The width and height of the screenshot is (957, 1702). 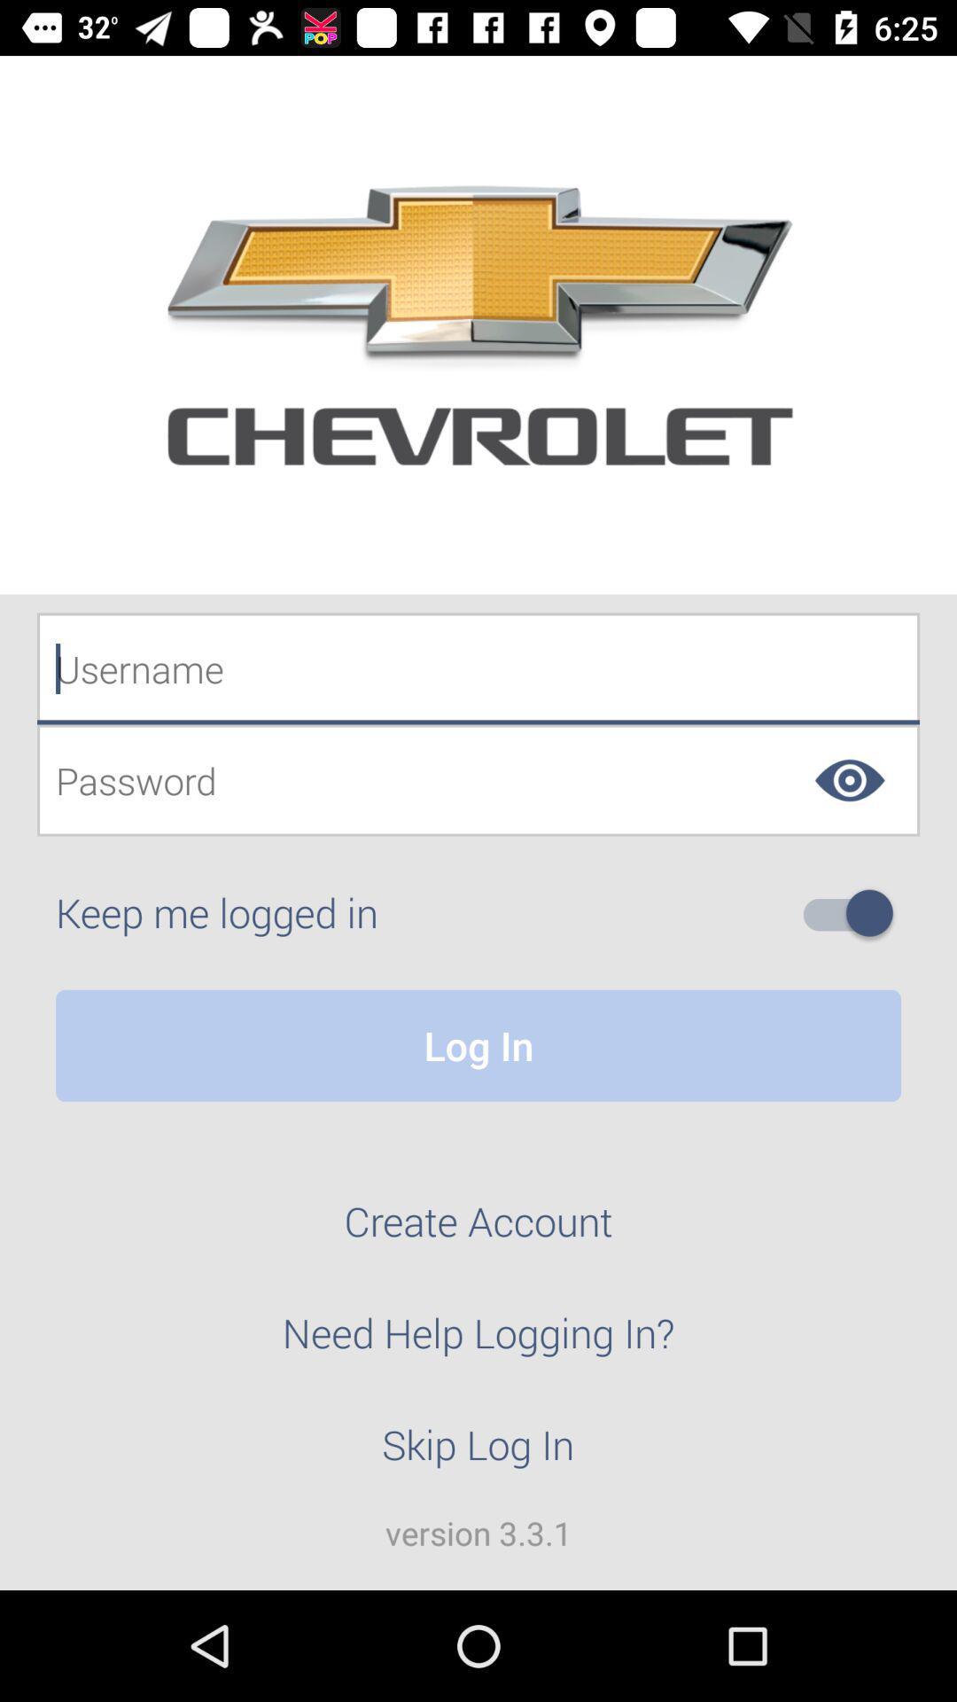 I want to click on icon on the right, so click(x=854, y=913).